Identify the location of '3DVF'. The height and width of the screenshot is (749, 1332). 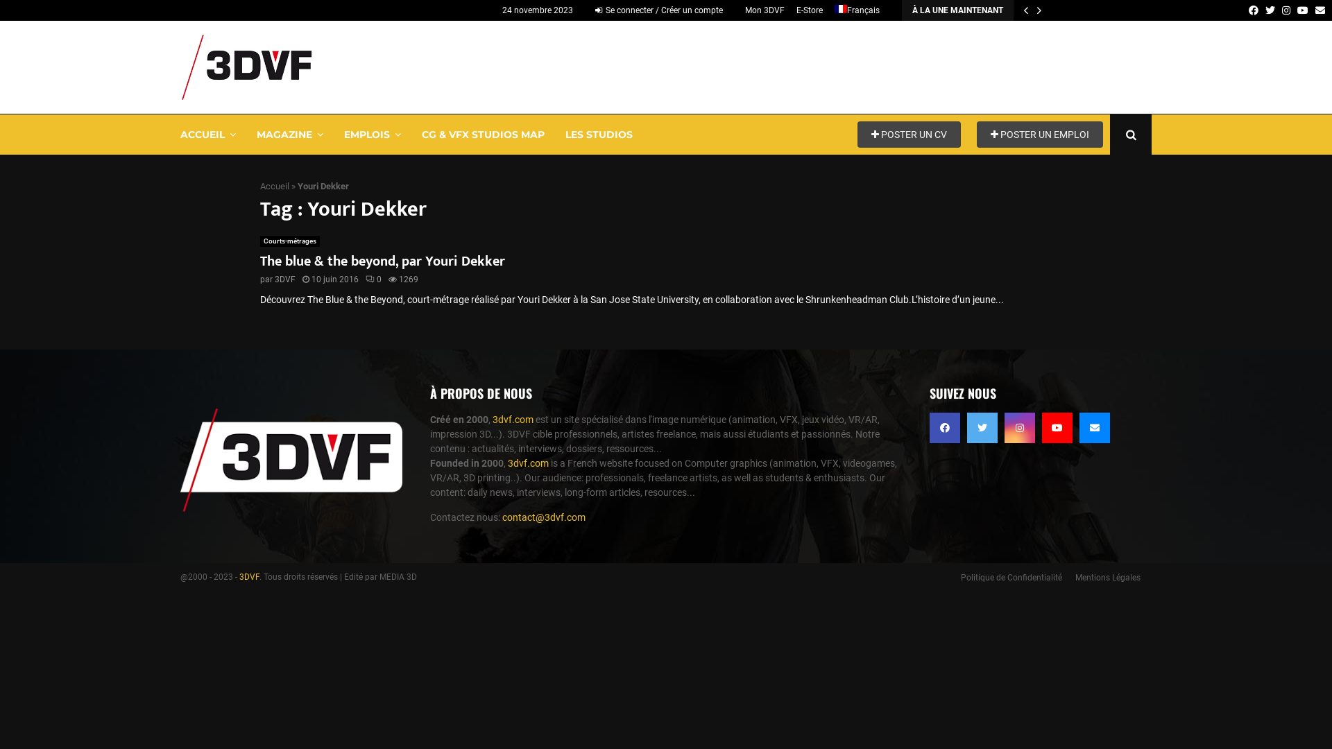
(249, 577).